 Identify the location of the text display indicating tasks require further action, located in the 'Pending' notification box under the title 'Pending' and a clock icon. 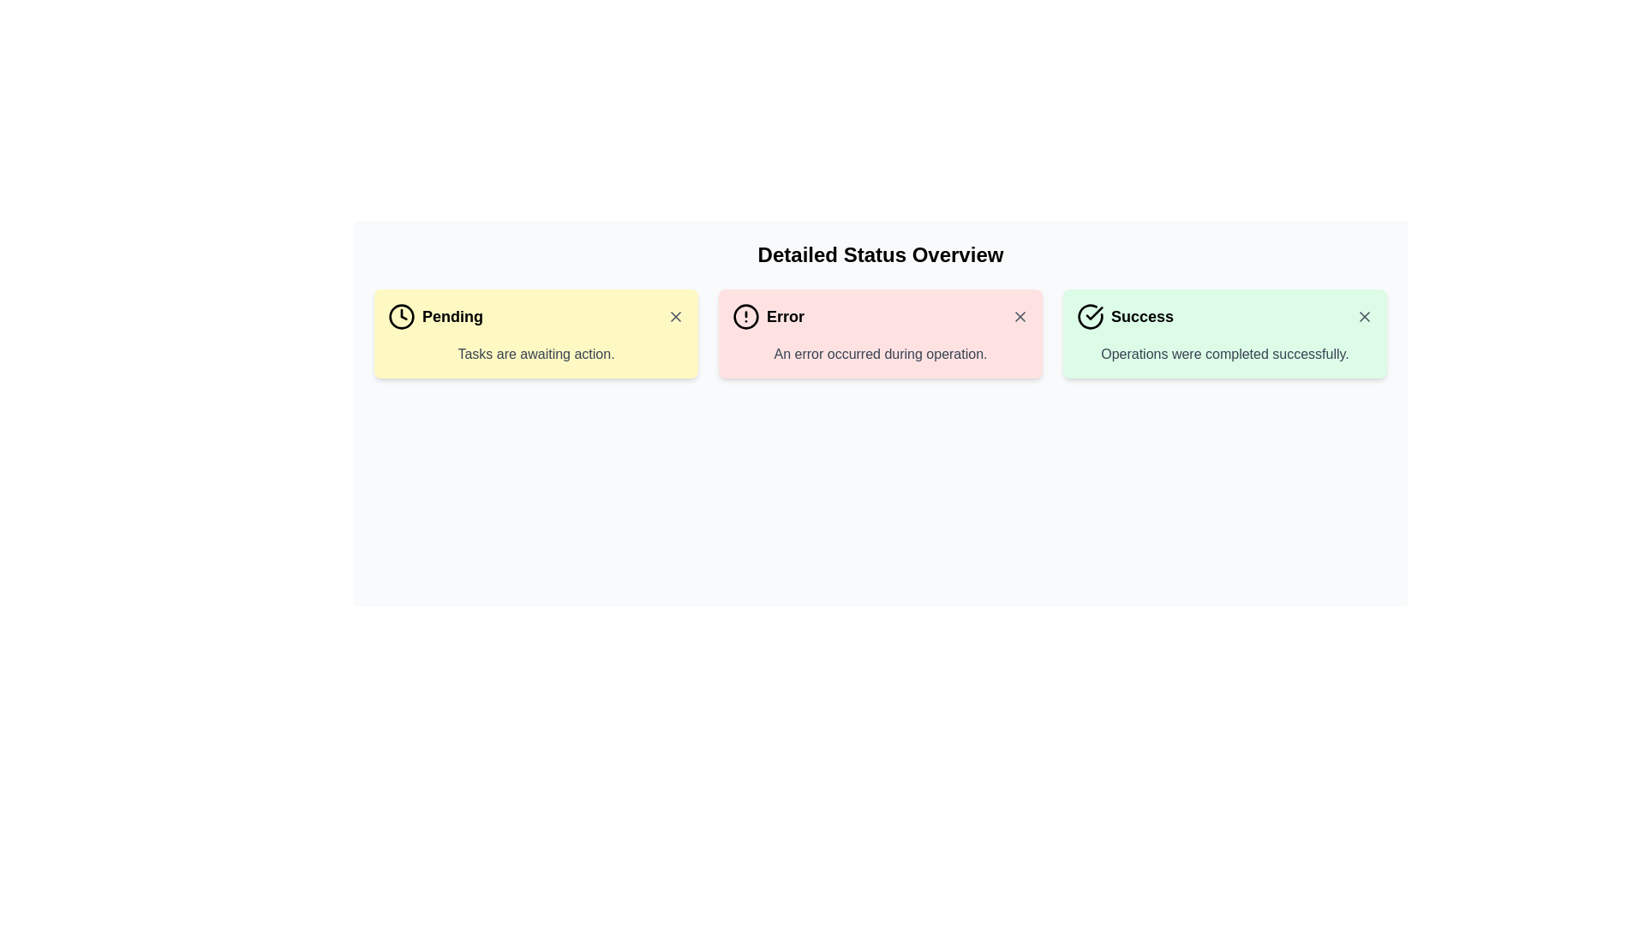
(535, 353).